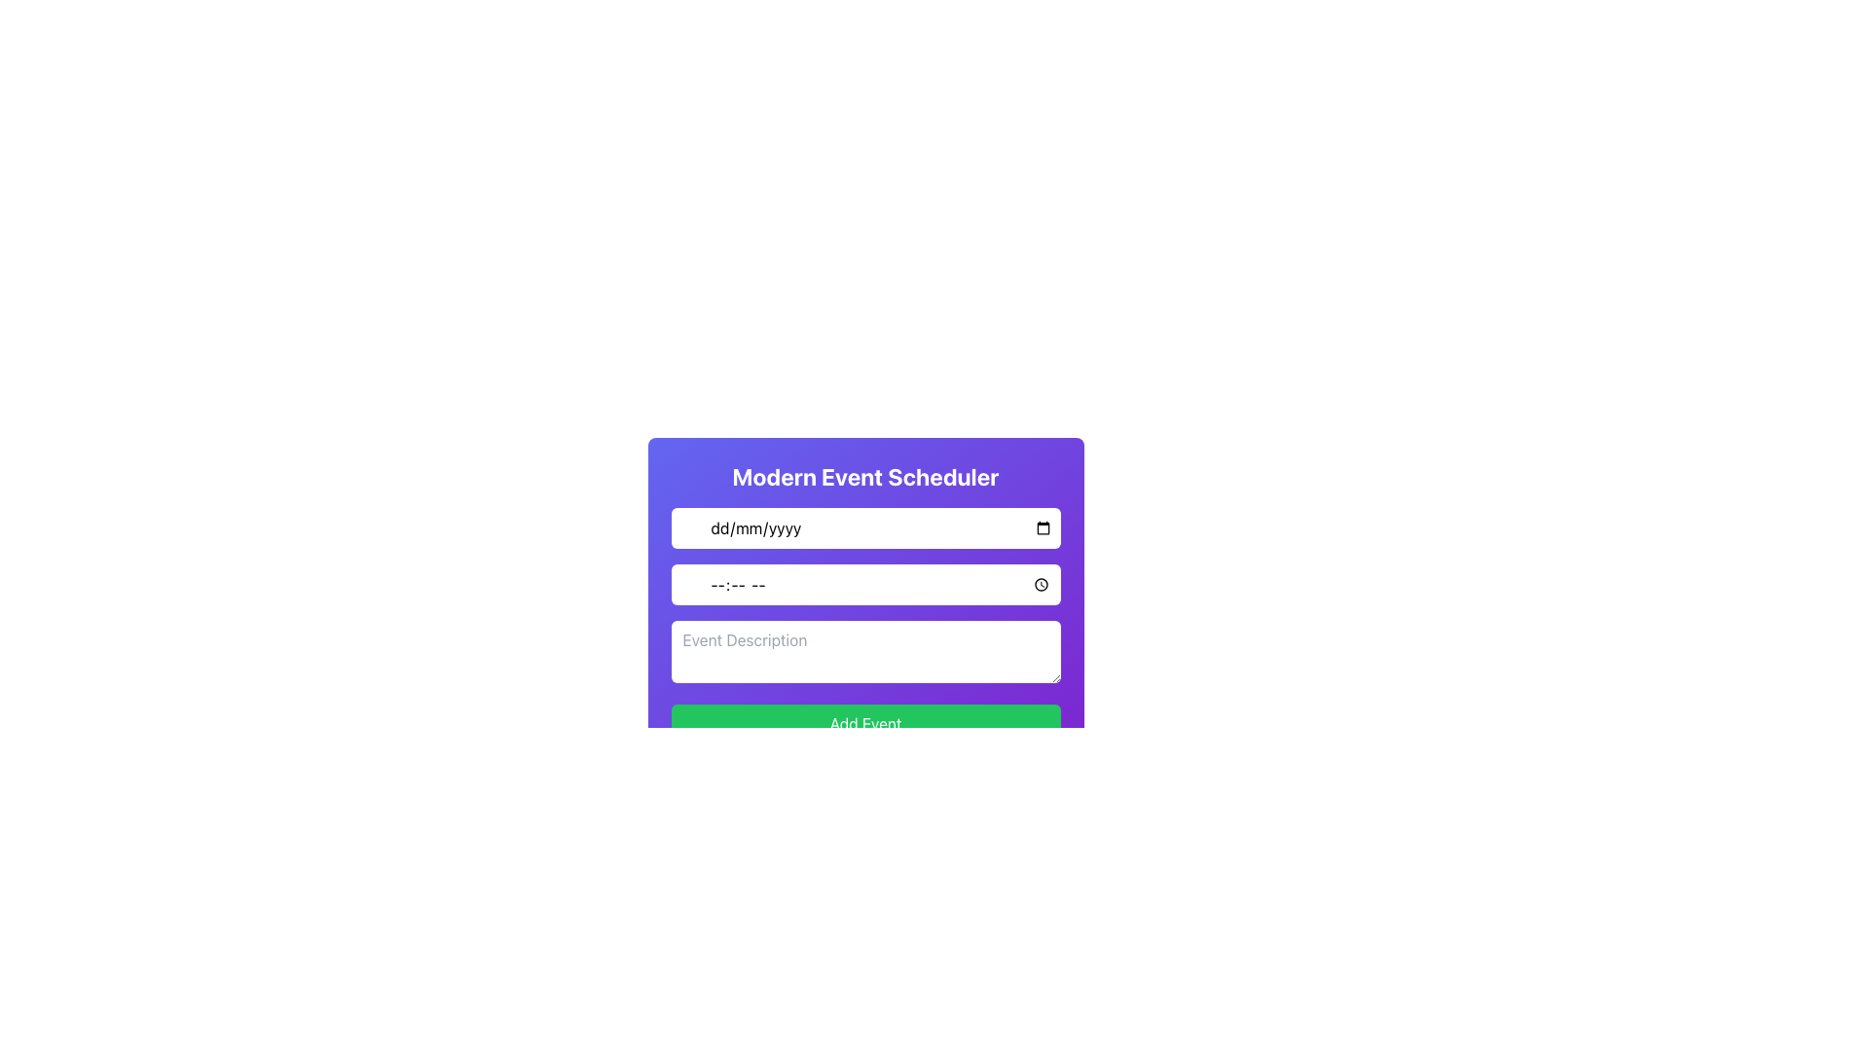 Image resolution: width=1869 pixels, height=1051 pixels. I want to click on the Static Text Header that contains the text 'Modern Event Scheduler' styled in white on a purple gradient background, located at the top center of the form interface, so click(864, 476).